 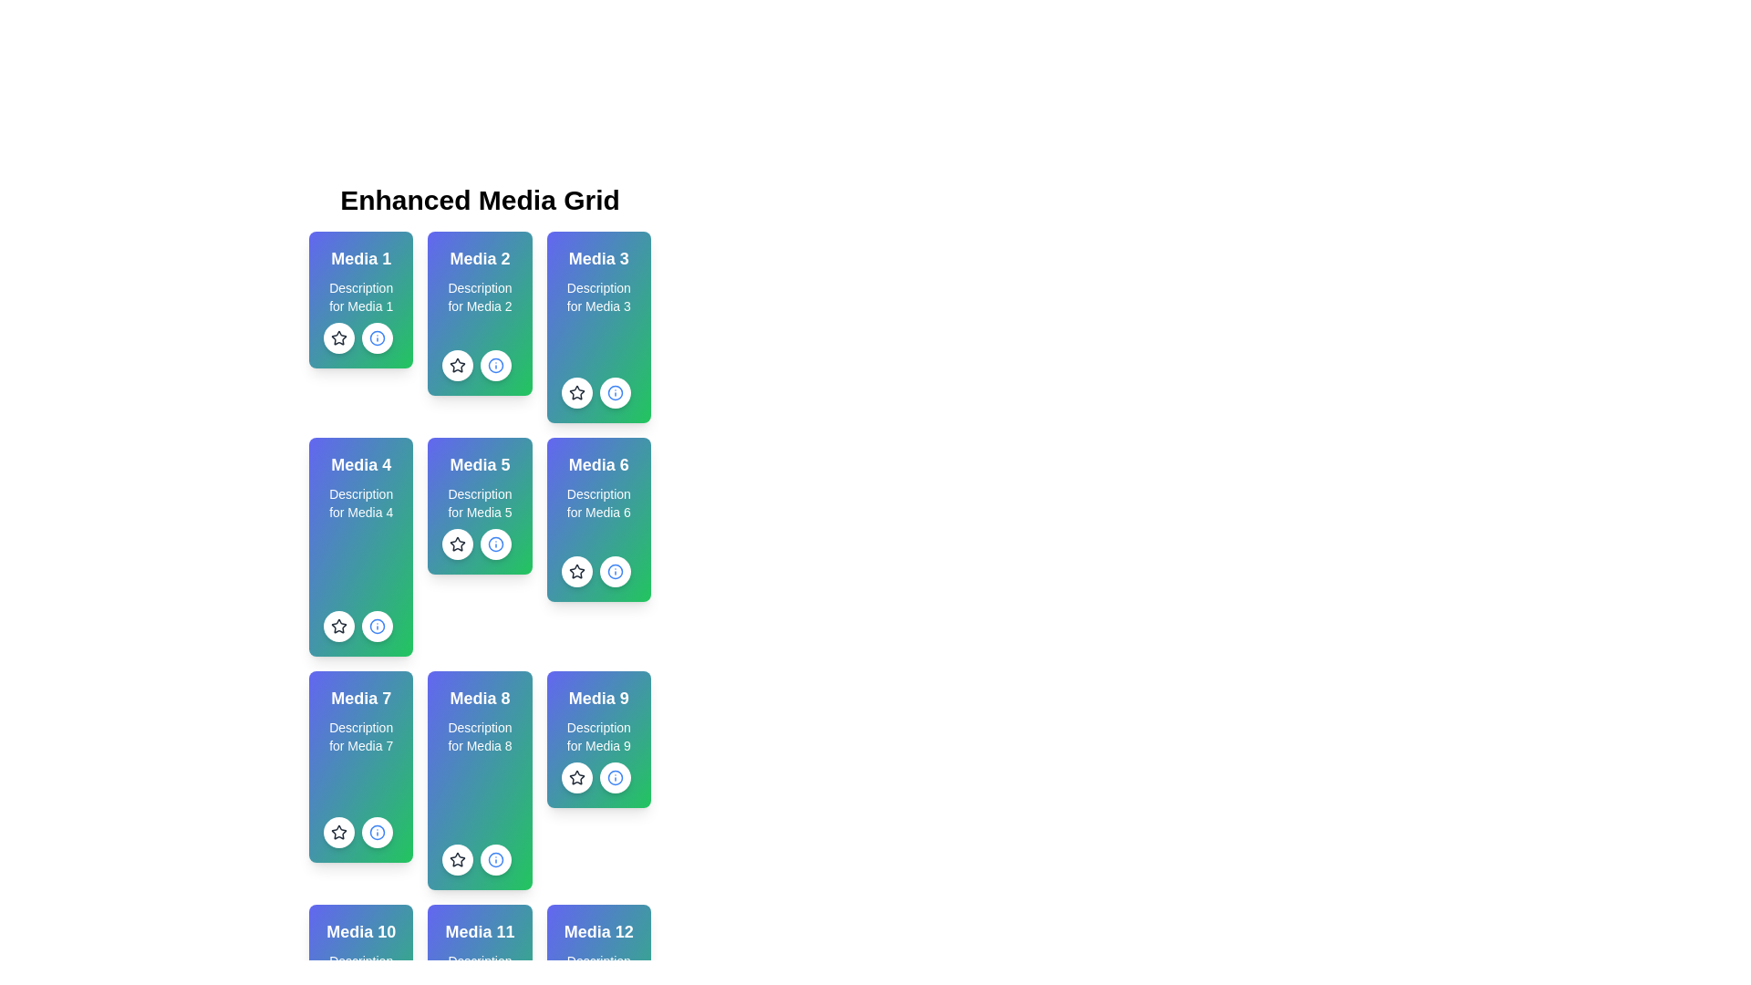 What do you see at coordinates (376, 625) in the screenshot?
I see `the circular SVG element with a blue outline located in the bottom-right corner of the Media 6 card` at bounding box center [376, 625].